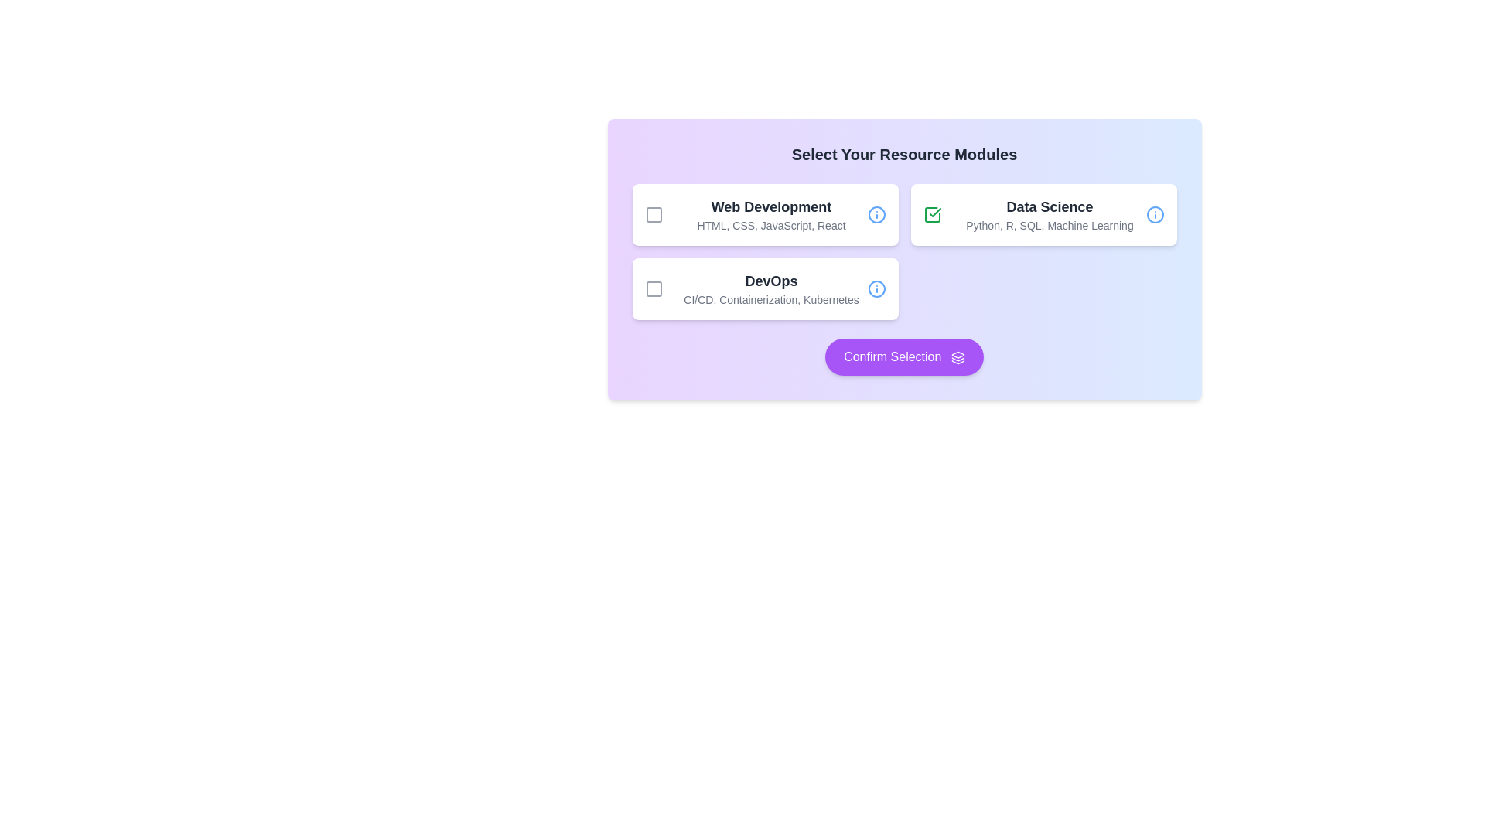 The image size is (1485, 835). I want to click on the blue circular informational icon with an 'i' located at the far right of the Web Development section card, so click(876, 214).